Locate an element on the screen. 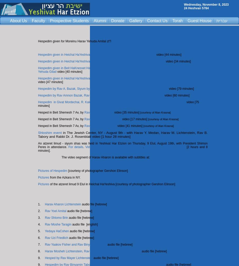  'Rav Mayer Lichtenstein' is located at coordinates (100, 126).